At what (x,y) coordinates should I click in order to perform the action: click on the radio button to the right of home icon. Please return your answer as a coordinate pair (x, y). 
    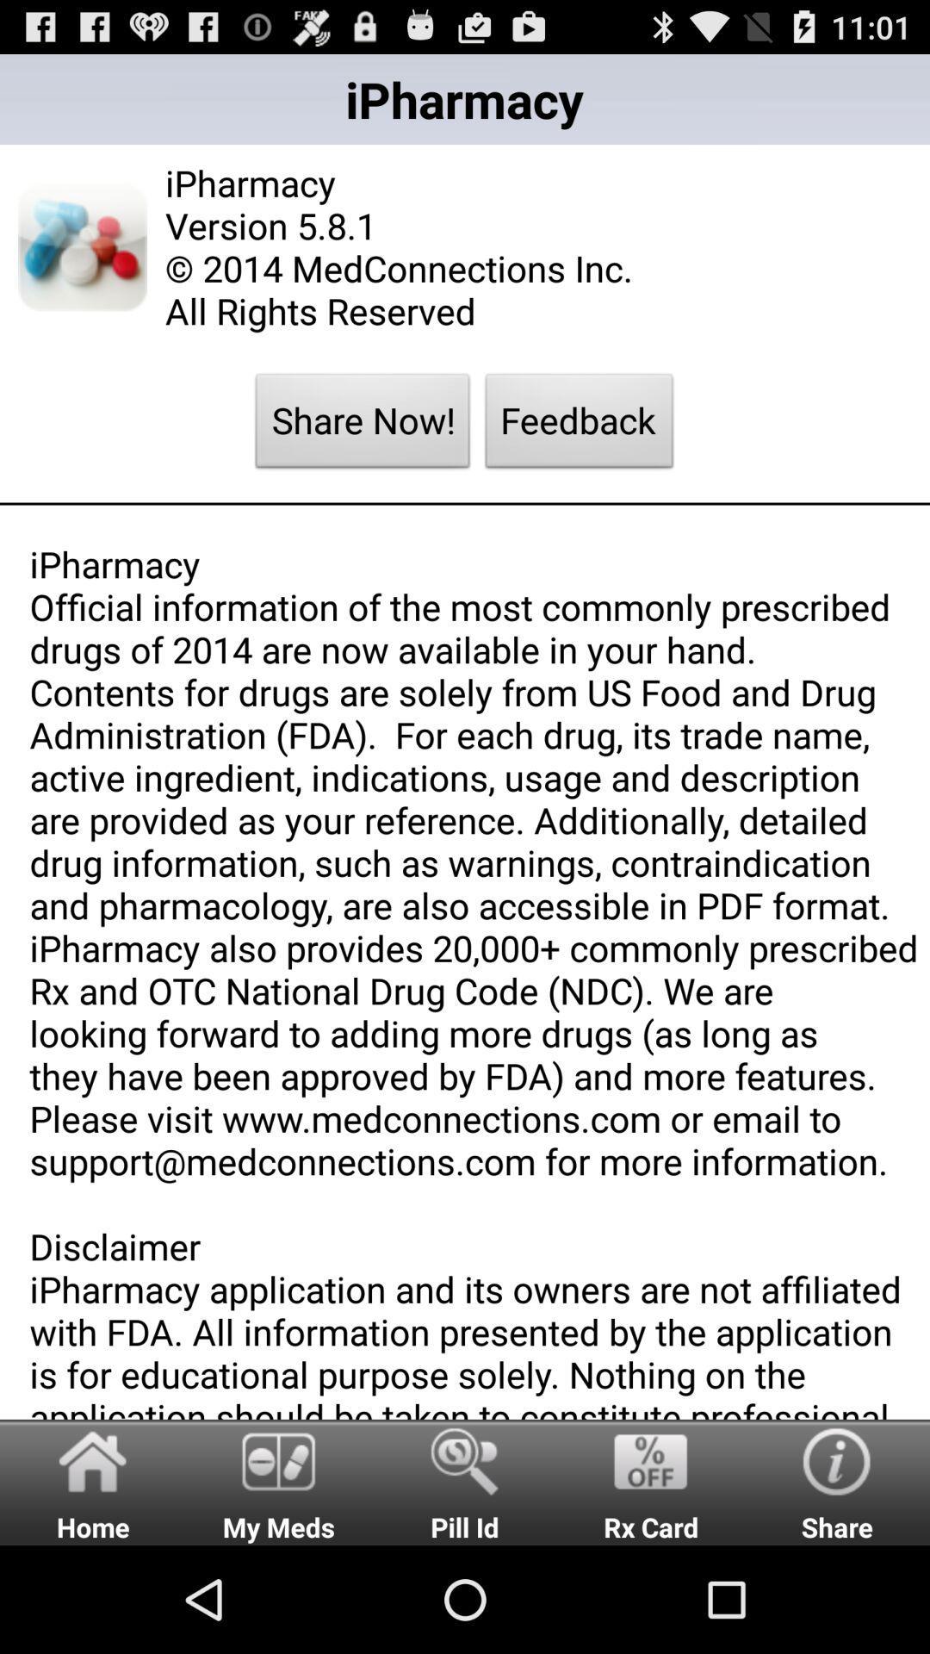
    Looking at the image, I should click on (278, 1481).